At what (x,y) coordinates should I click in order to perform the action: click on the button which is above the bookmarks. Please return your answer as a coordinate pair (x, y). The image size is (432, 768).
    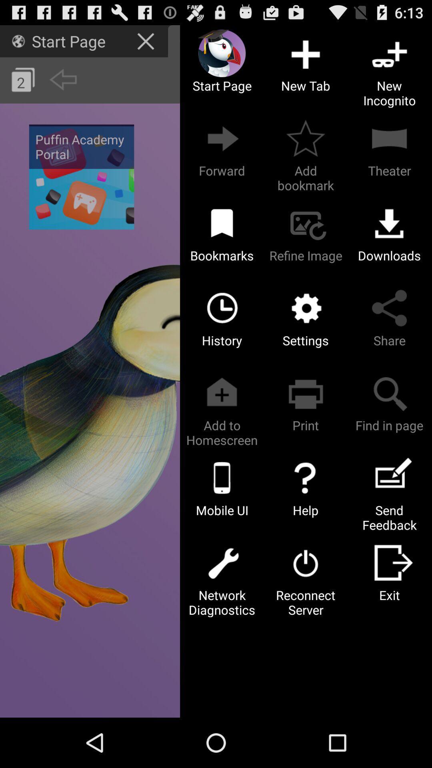
    Looking at the image, I should click on (222, 138).